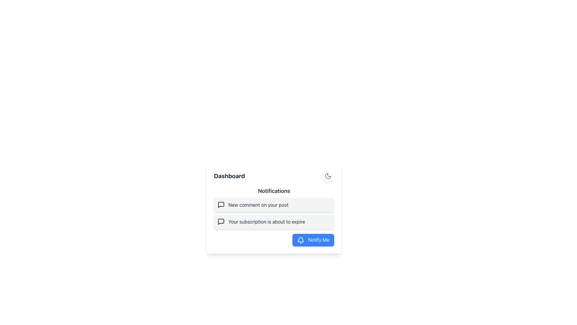 The width and height of the screenshot is (577, 325). What do you see at coordinates (221, 221) in the screenshot?
I see `the compact dialogue icon, which is a rectangular shape with a triangular pointer at the bottom, located to the left of the notification title 'Your subscription is about to expire'` at bounding box center [221, 221].